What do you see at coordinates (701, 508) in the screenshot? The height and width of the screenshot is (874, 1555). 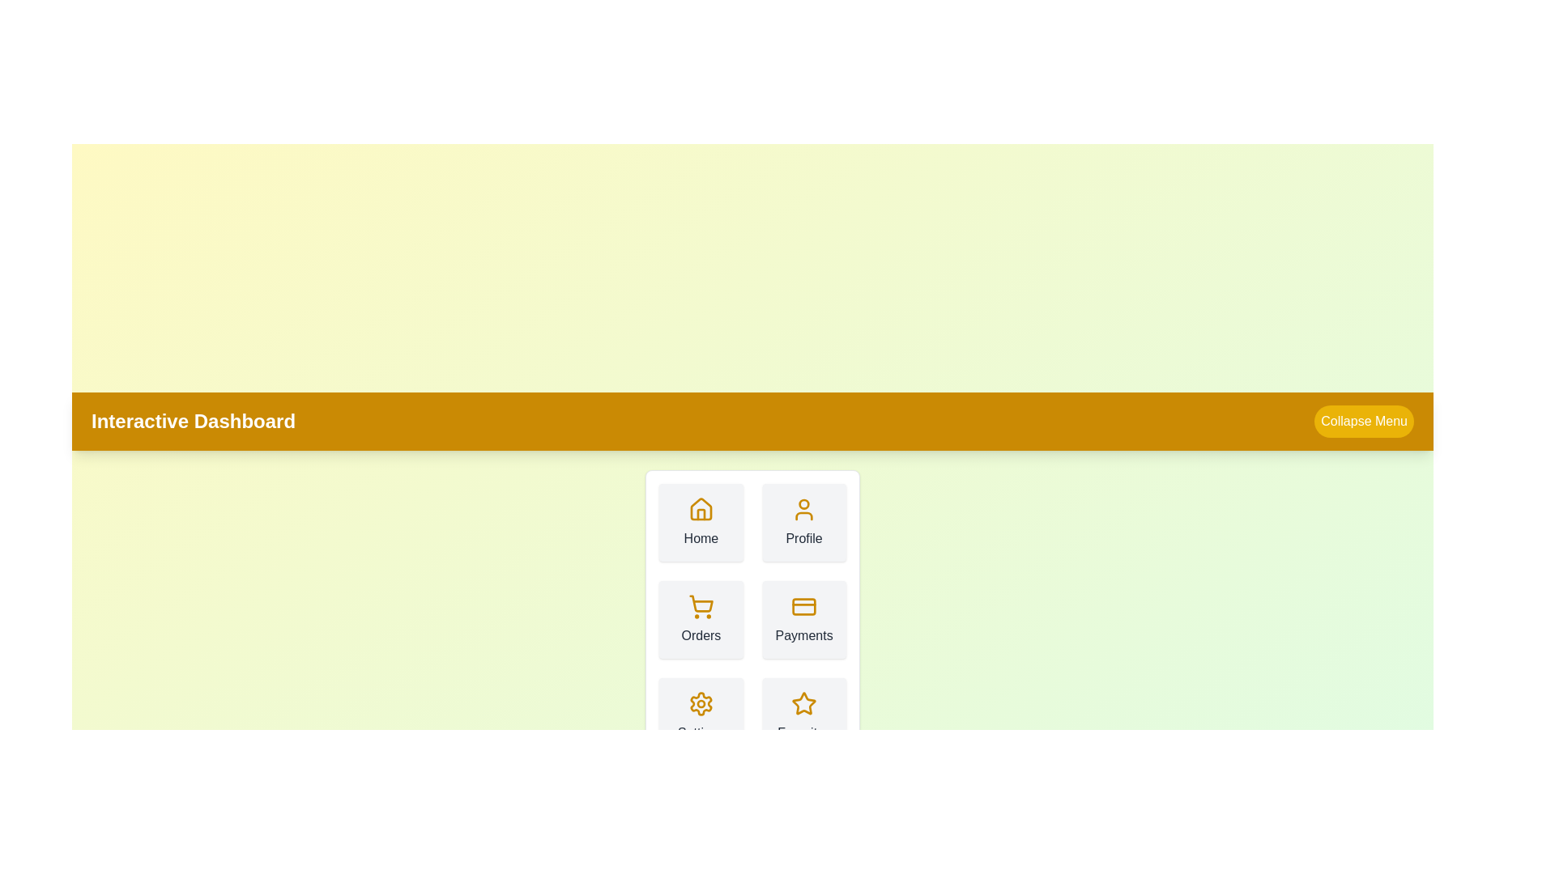 I see `the icon corresponding to Home` at bounding box center [701, 508].